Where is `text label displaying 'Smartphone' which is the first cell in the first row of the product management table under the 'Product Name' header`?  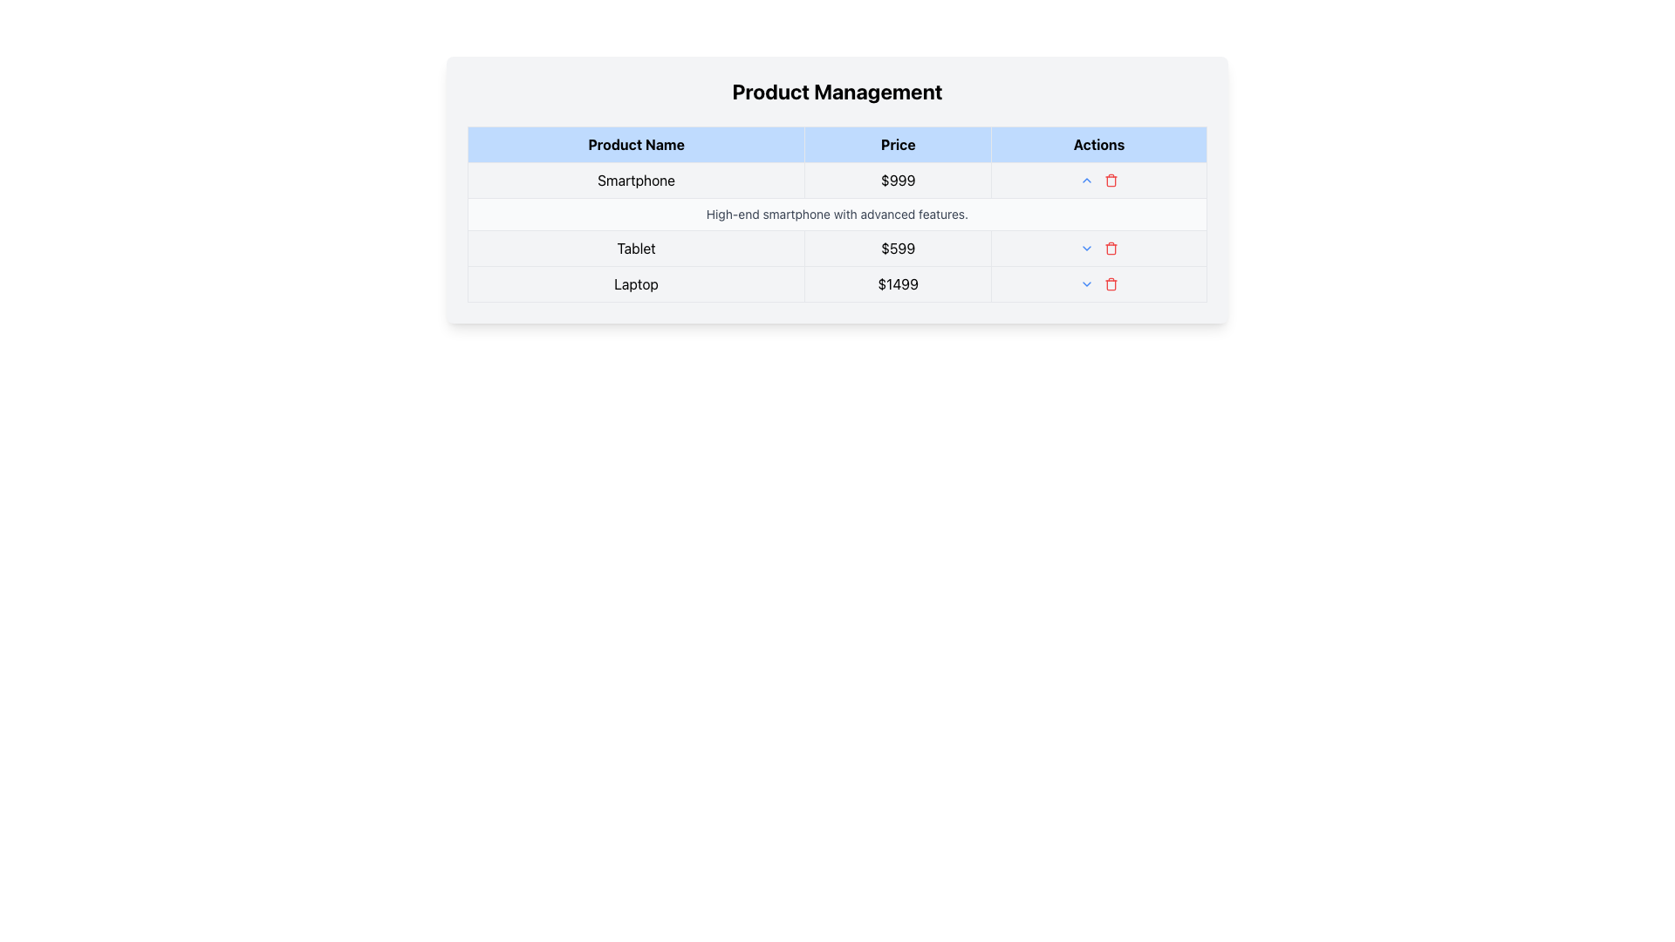 text label displaying 'Smartphone' which is the first cell in the first row of the product management table under the 'Product Name' header is located at coordinates (635, 181).